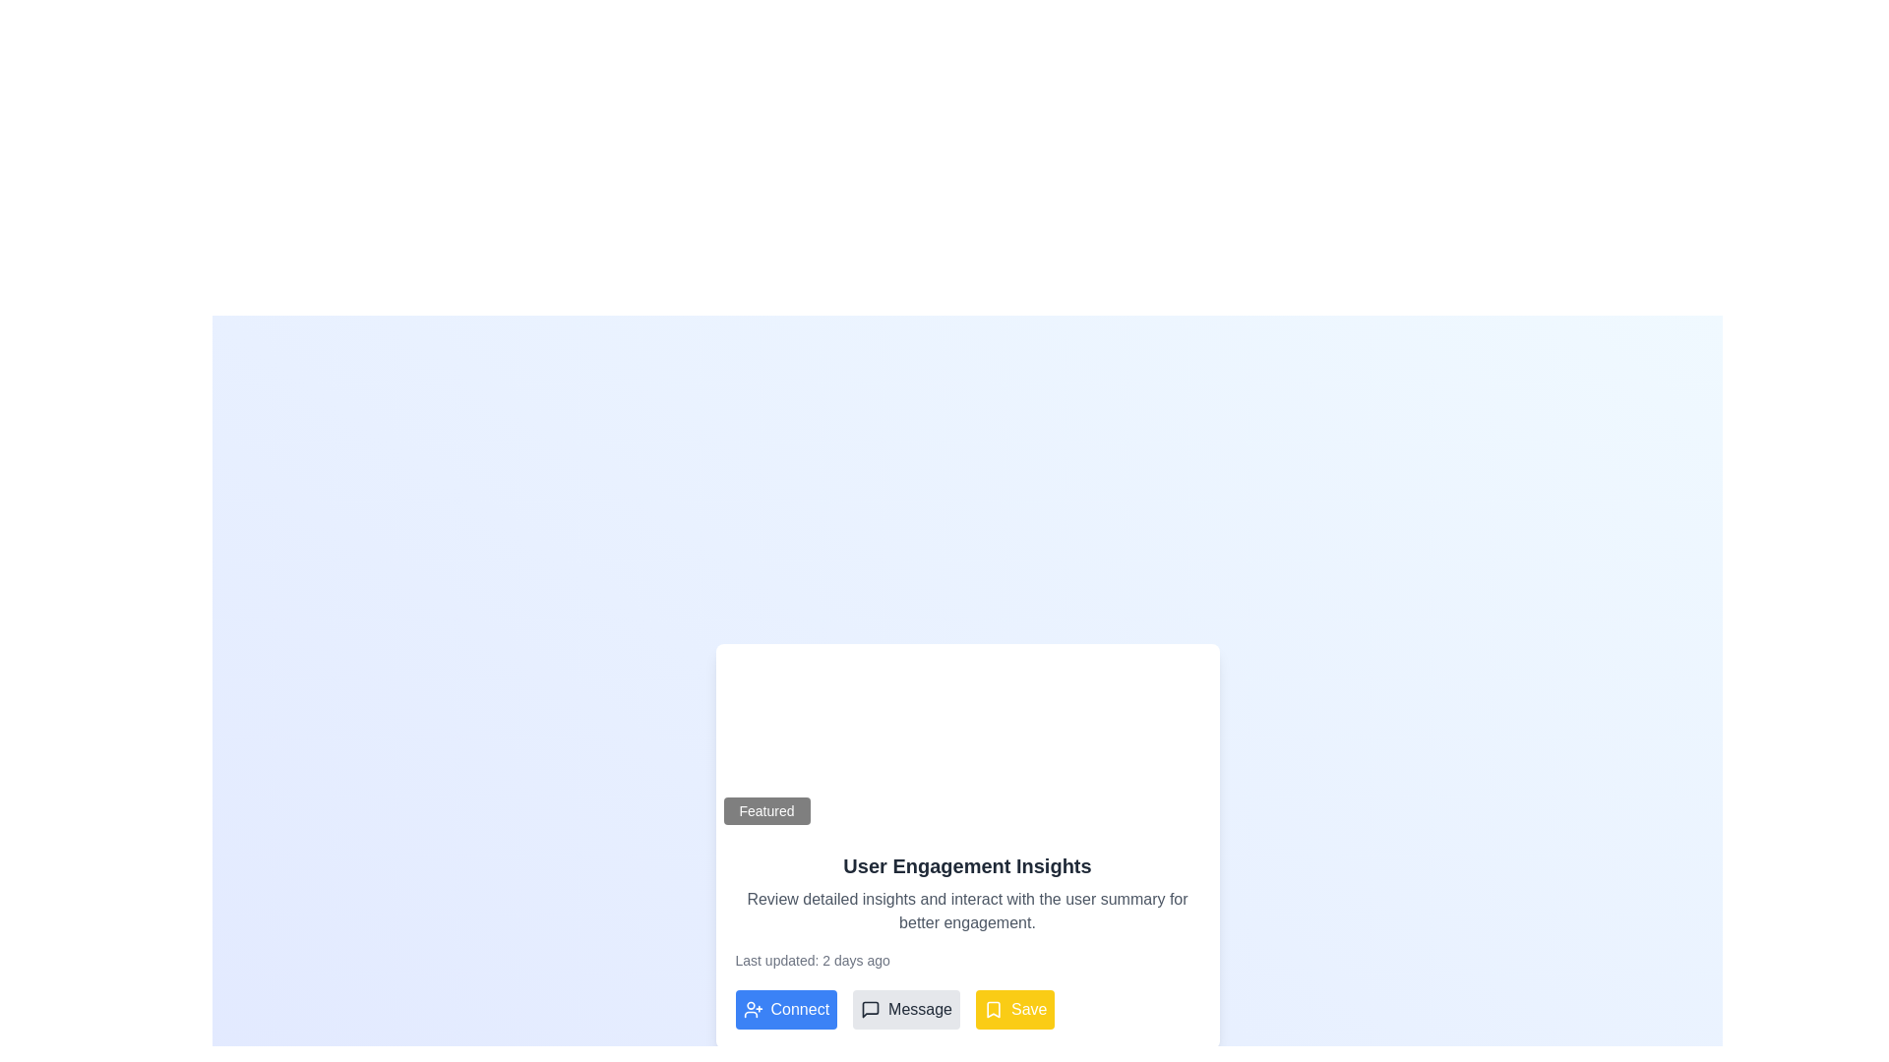 The height and width of the screenshot is (1062, 1889). Describe the element at coordinates (1028, 1009) in the screenshot. I see `the 'Save' button, which is a yellow rectangular button with rounded corners, located at the bottom right corner of a card layout` at that location.